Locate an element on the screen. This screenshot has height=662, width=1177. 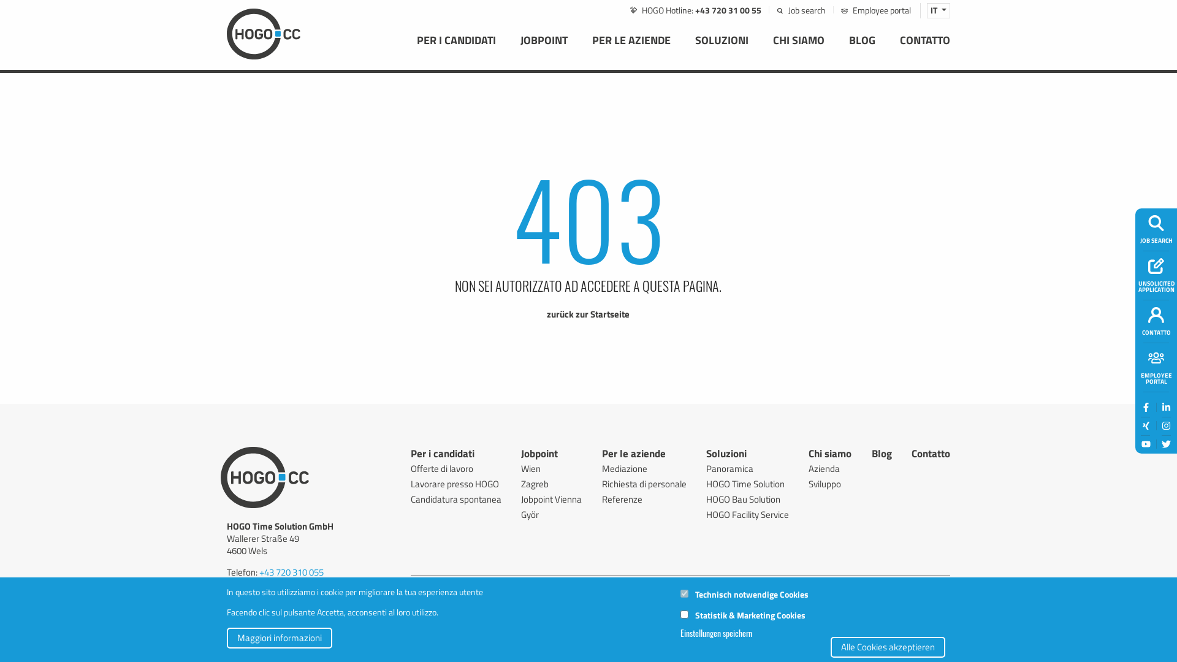
'Panoramica' is located at coordinates (747, 468).